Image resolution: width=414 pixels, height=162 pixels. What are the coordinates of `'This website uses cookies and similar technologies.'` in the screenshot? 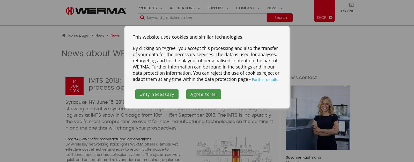 It's located at (188, 37).